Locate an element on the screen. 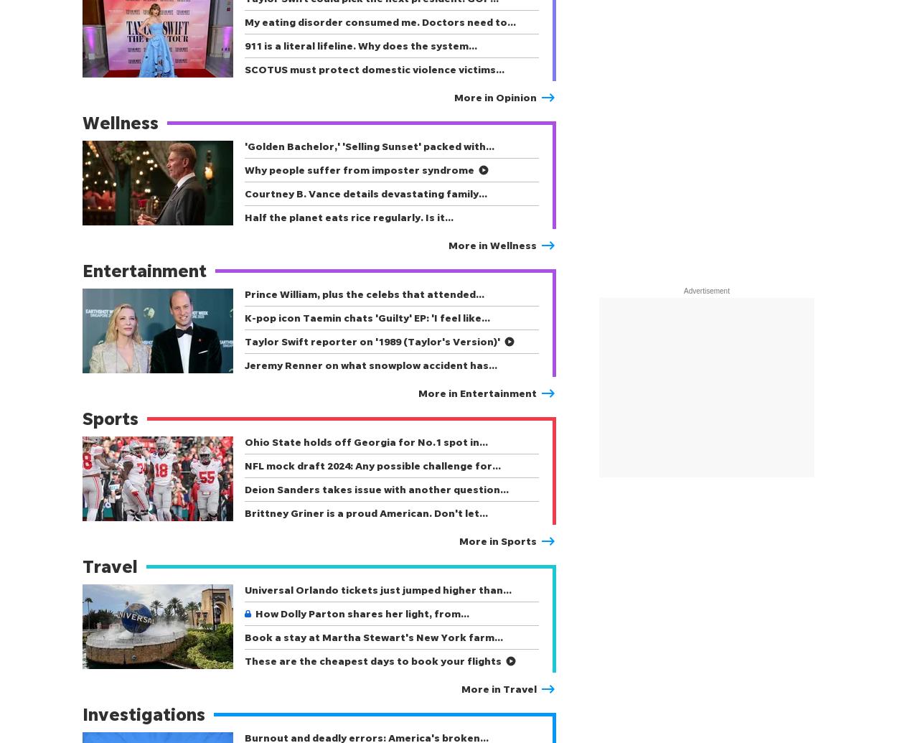 The width and height of the screenshot is (897, 743). 'Book a stay at Martha Stewart's New York farm…' is located at coordinates (374, 636).